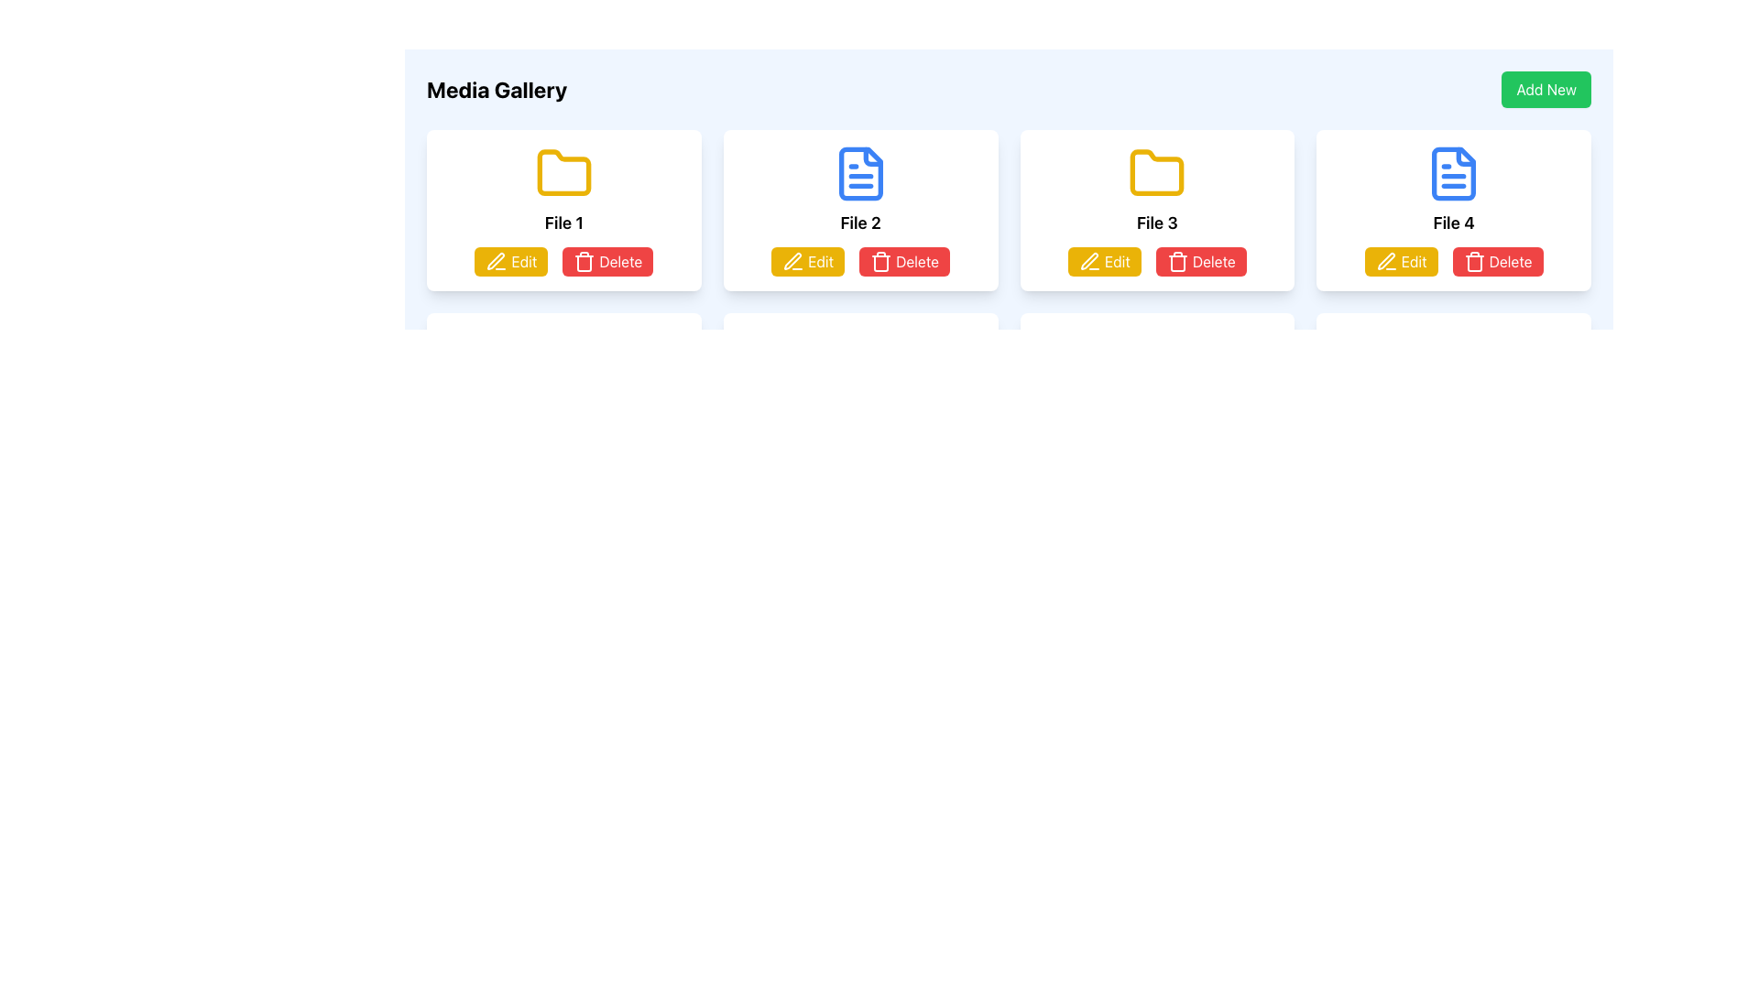 The image size is (1759, 989). What do you see at coordinates (807, 261) in the screenshot?
I see `the edit button associated with 'File 2' to activate hover effects` at bounding box center [807, 261].